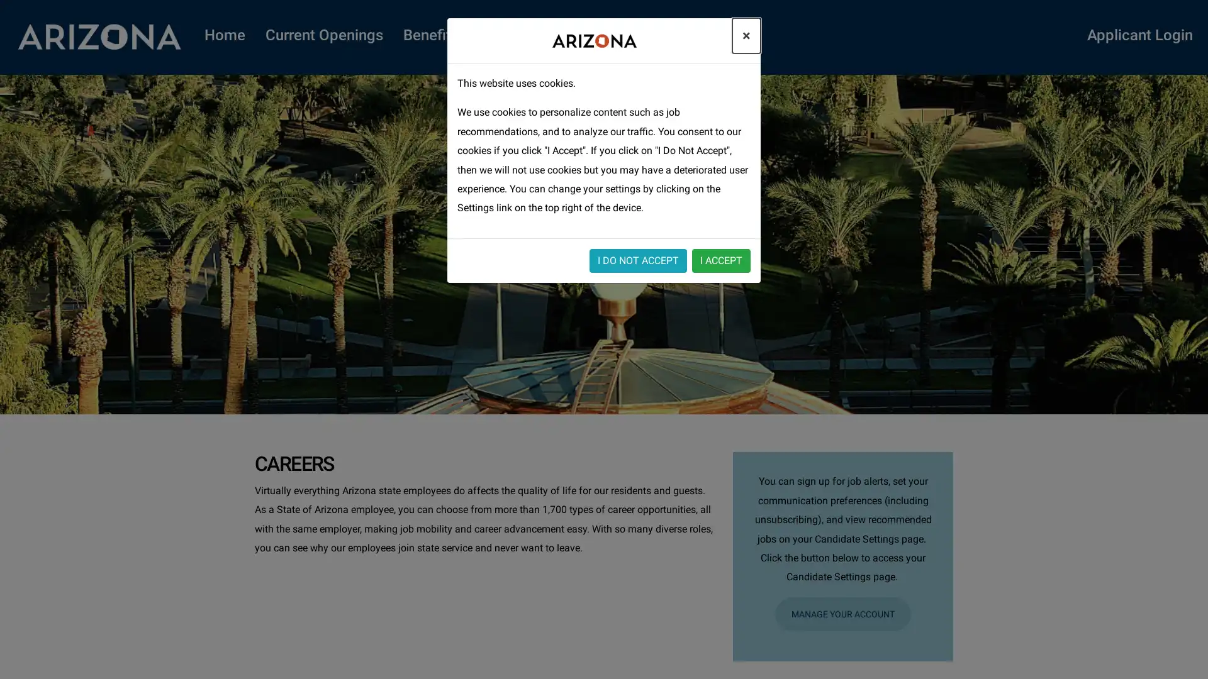  What do you see at coordinates (638, 259) in the screenshot?
I see `I DO NOT ACCEPT` at bounding box center [638, 259].